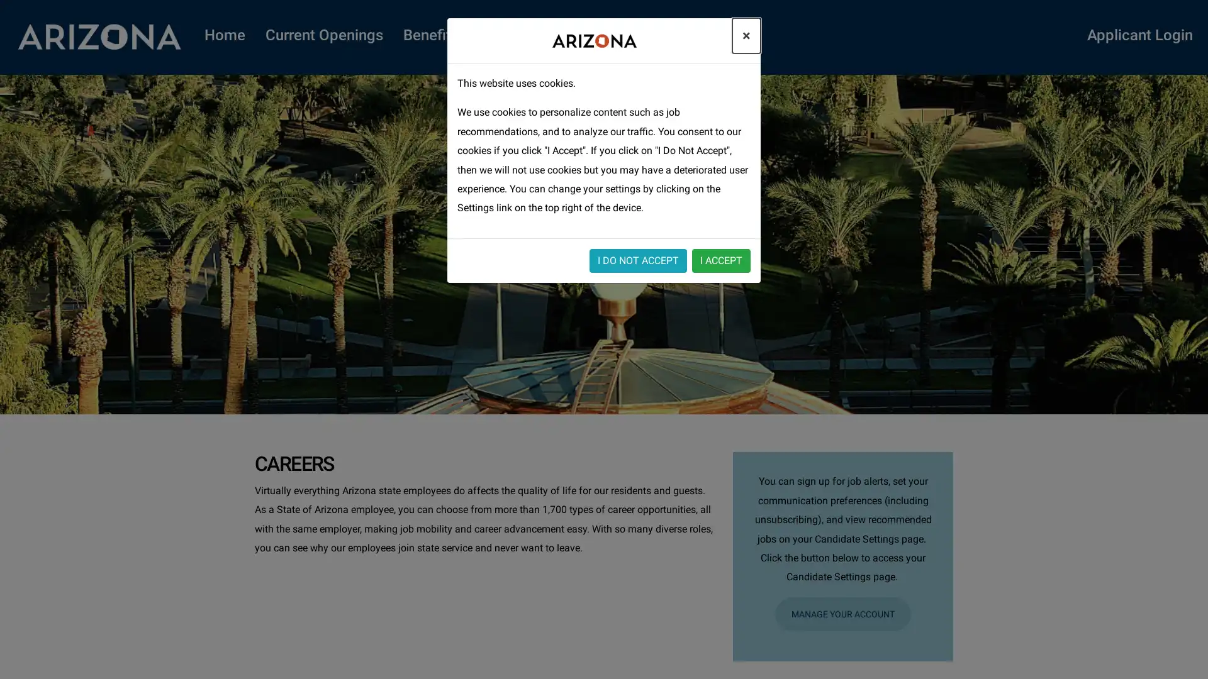  What do you see at coordinates (638, 259) in the screenshot?
I see `I DO NOT ACCEPT` at bounding box center [638, 259].